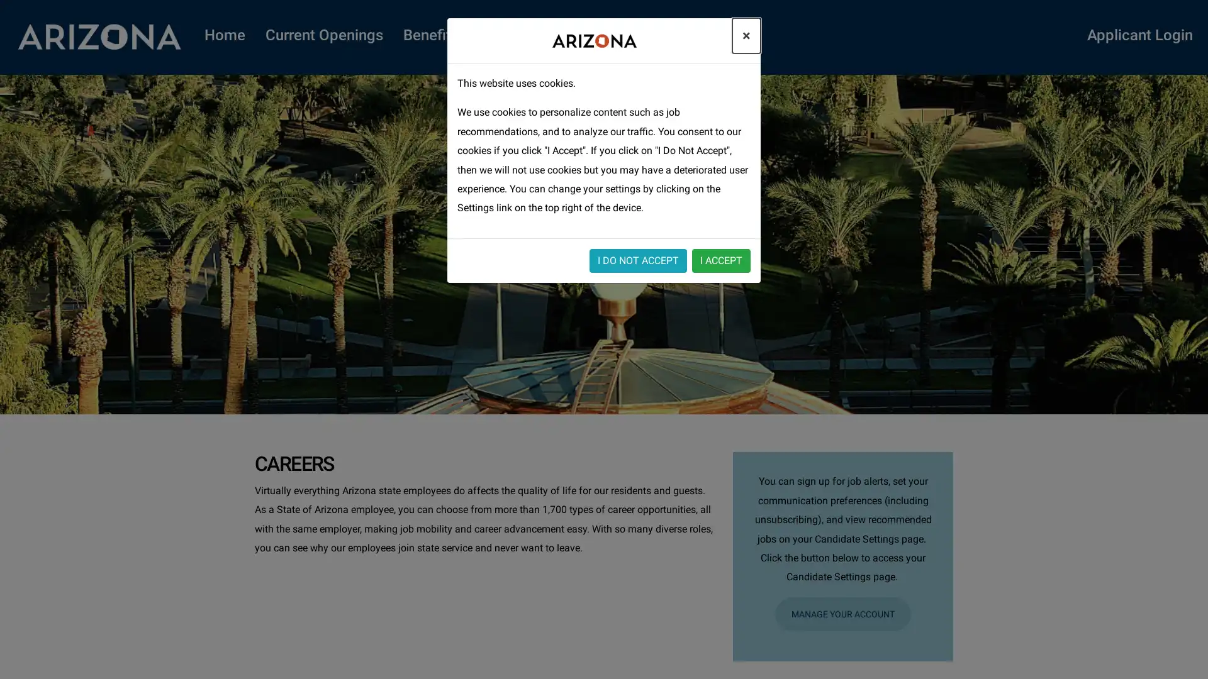  What do you see at coordinates (638, 259) in the screenshot?
I see `I DO NOT ACCEPT` at bounding box center [638, 259].